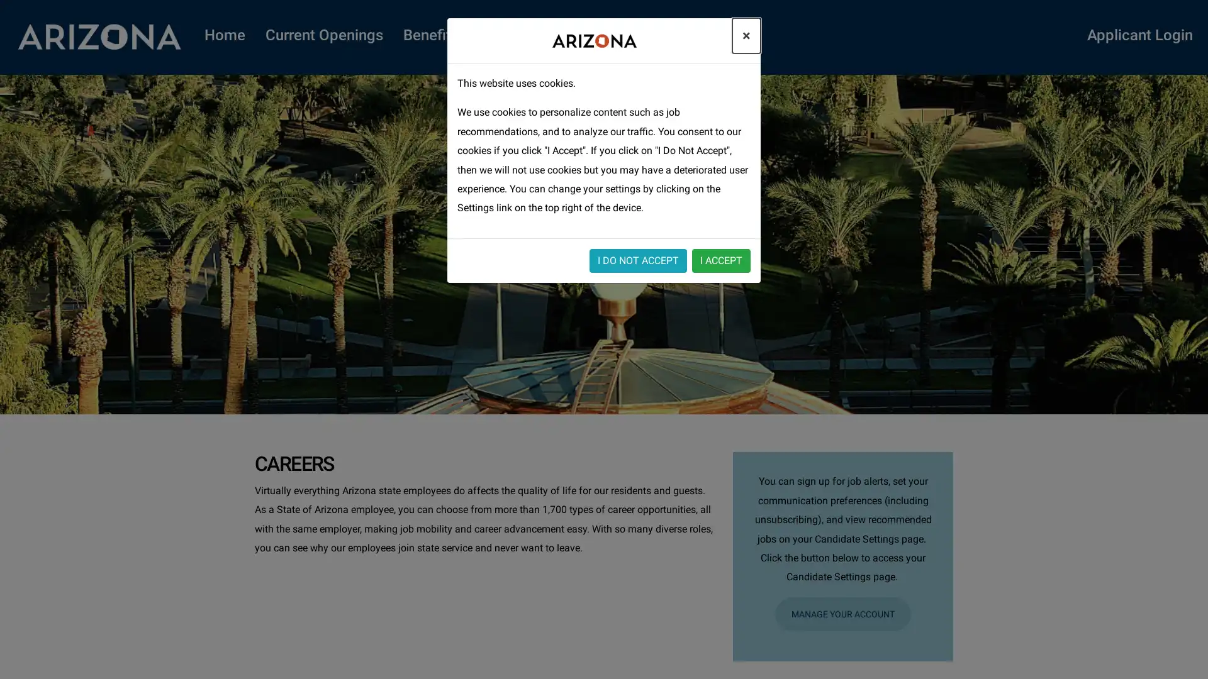  What do you see at coordinates (638, 259) in the screenshot?
I see `I DO NOT ACCEPT` at bounding box center [638, 259].